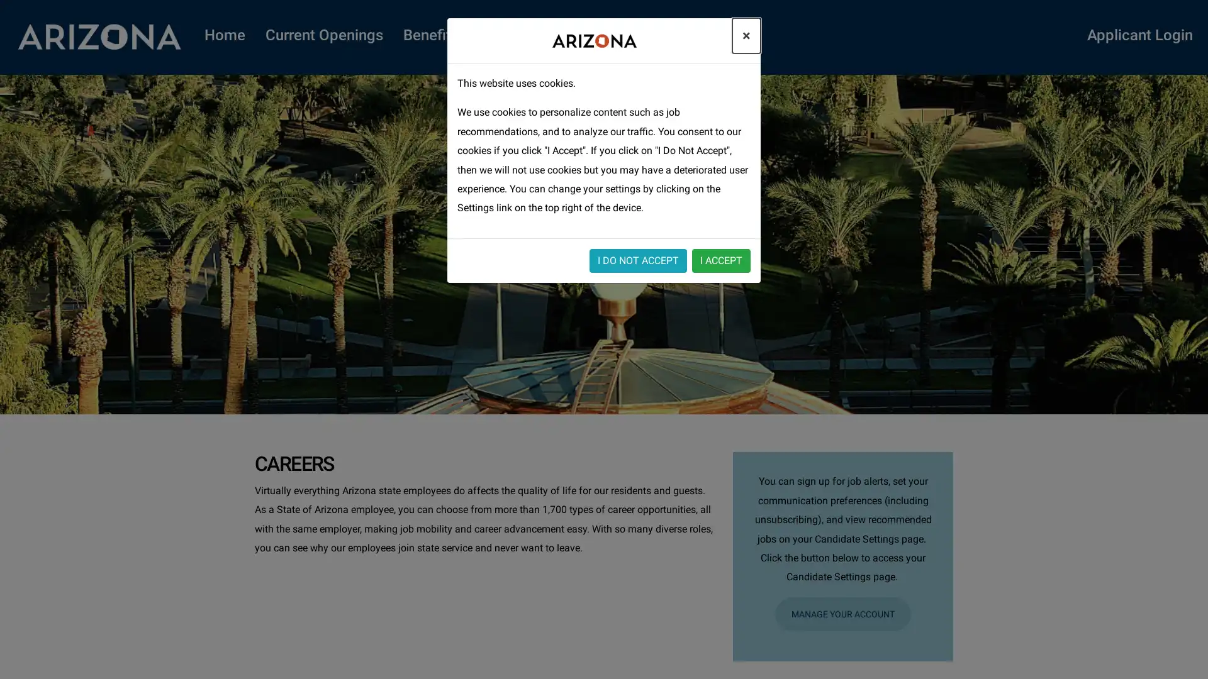  What do you see at coordinates (638, 259) in the screenshot?
I see `I DO NOT ACCEPT` at bounding box center [638, 259].